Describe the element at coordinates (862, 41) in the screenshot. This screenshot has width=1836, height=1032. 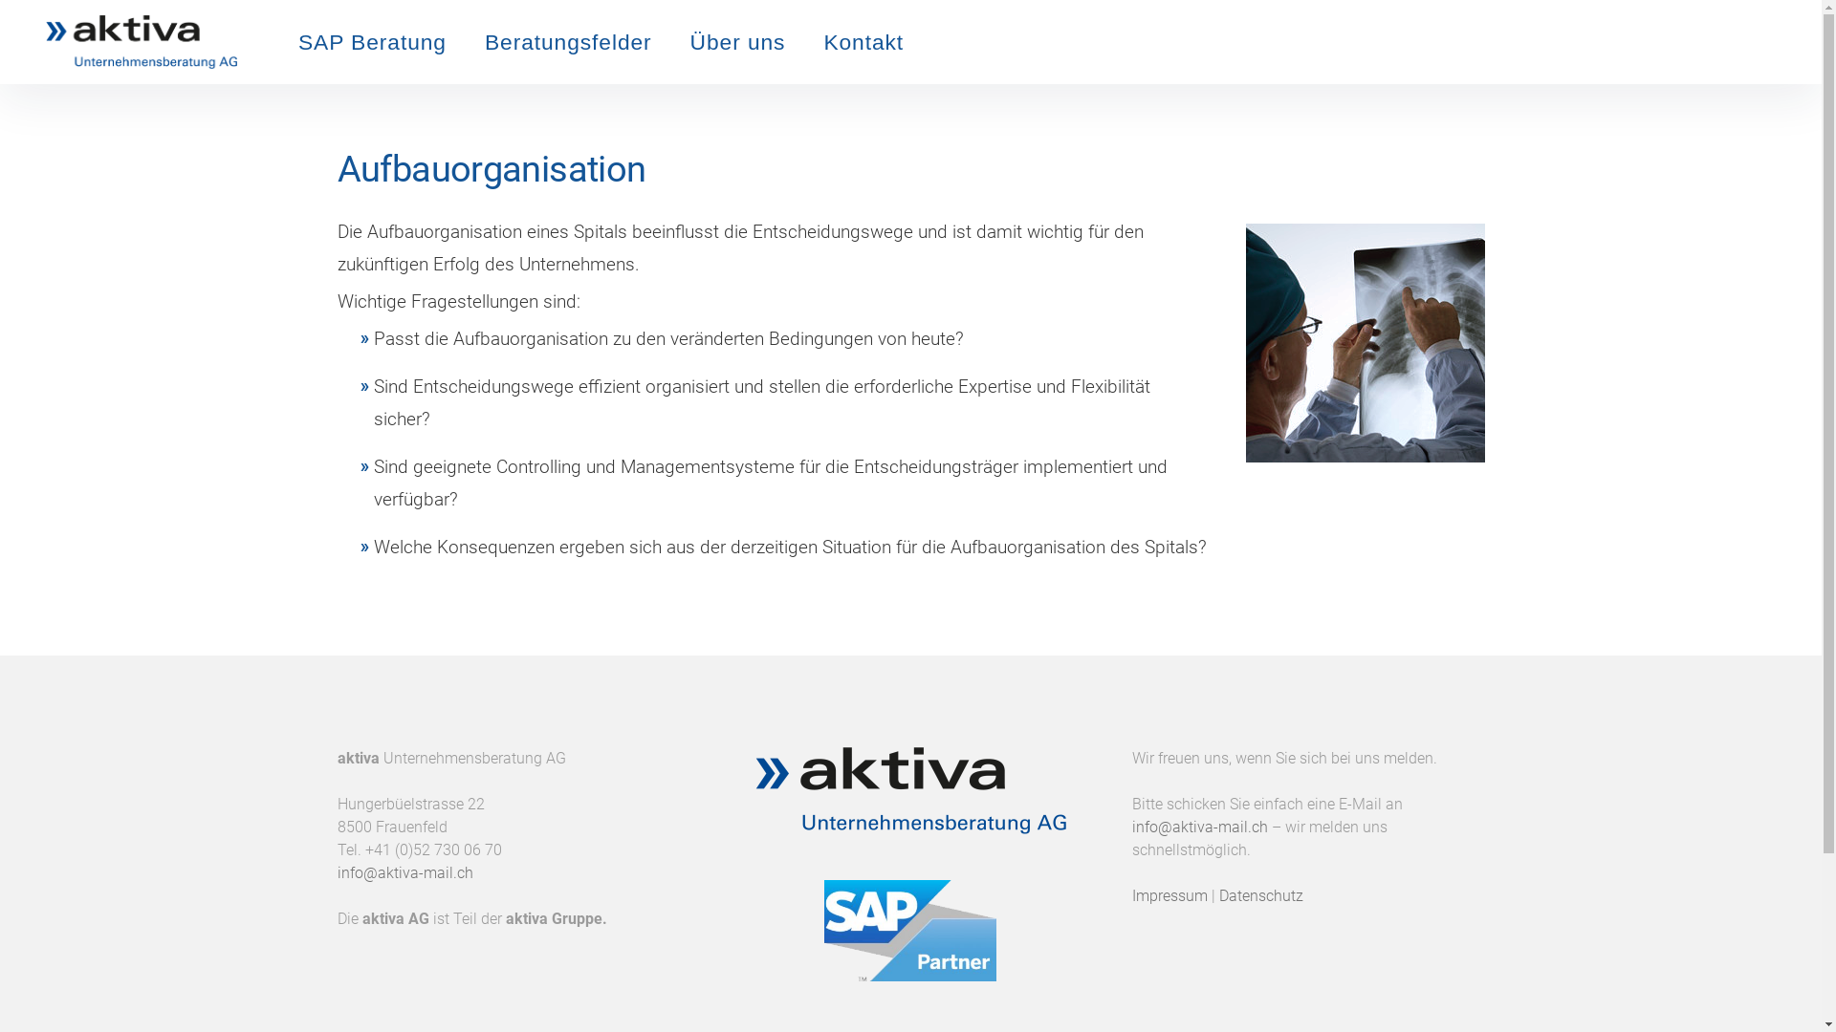
I see `'Kontakt'` at that location.